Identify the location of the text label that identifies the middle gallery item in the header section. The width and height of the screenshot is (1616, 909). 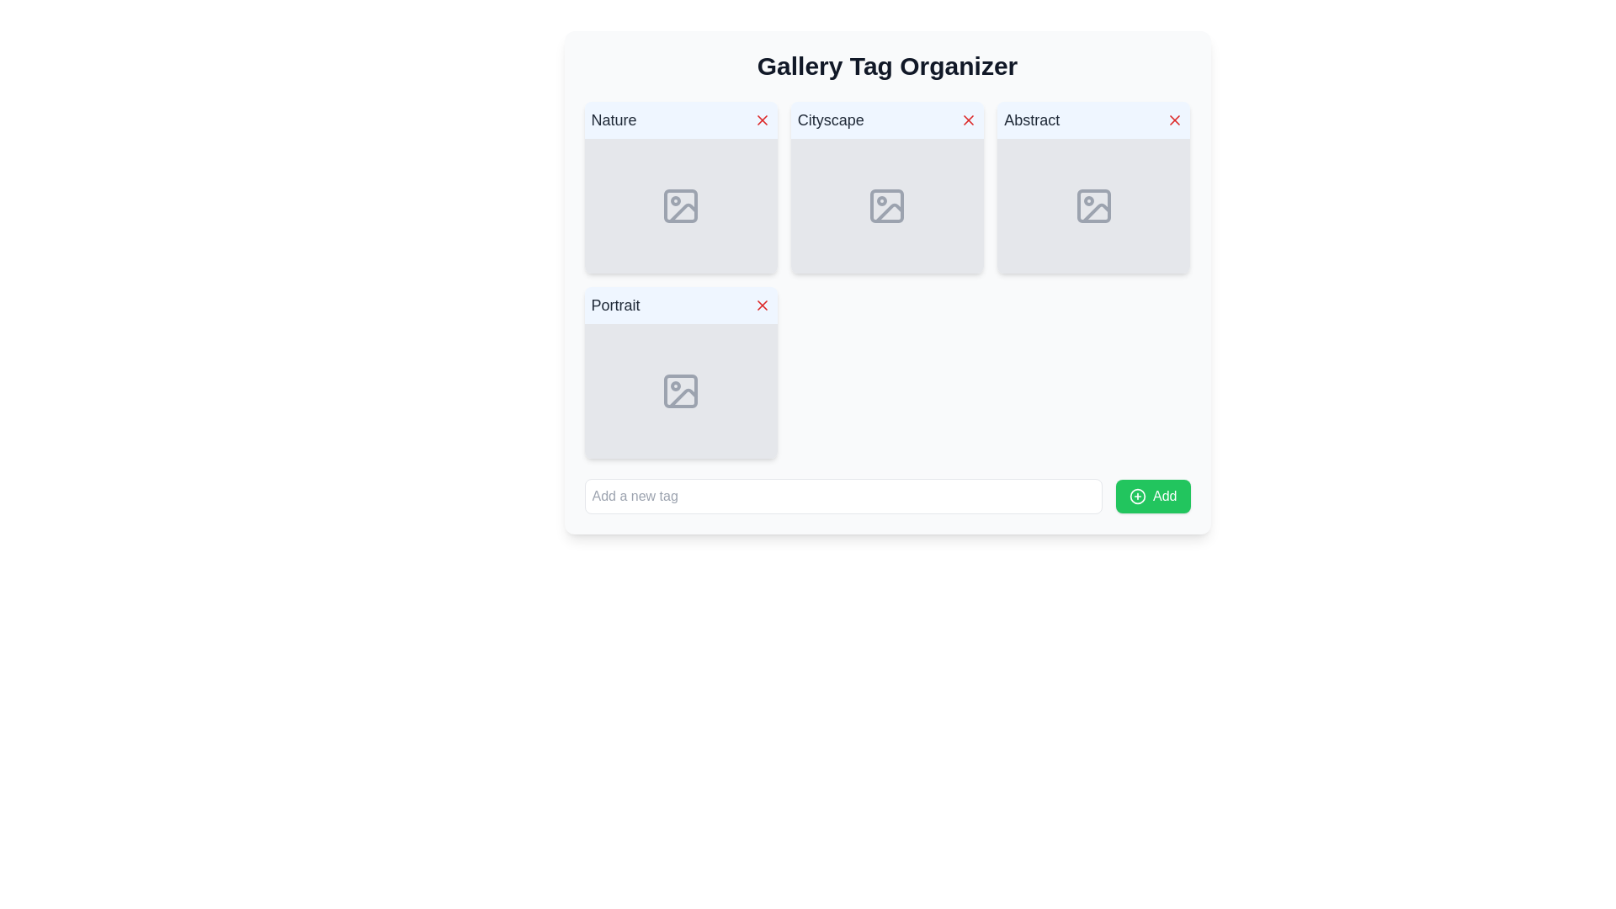
(831, 119).